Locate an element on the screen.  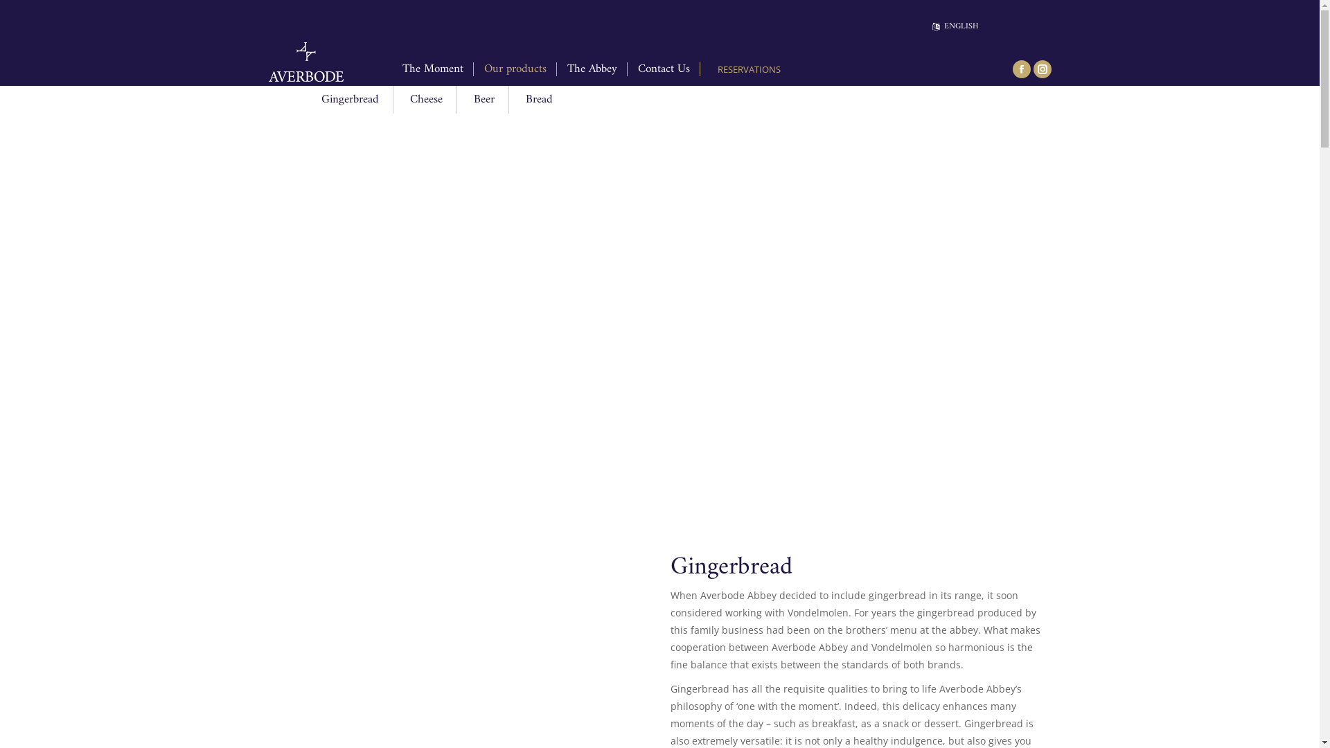
'Our products' is located at coordinates (514, 69).